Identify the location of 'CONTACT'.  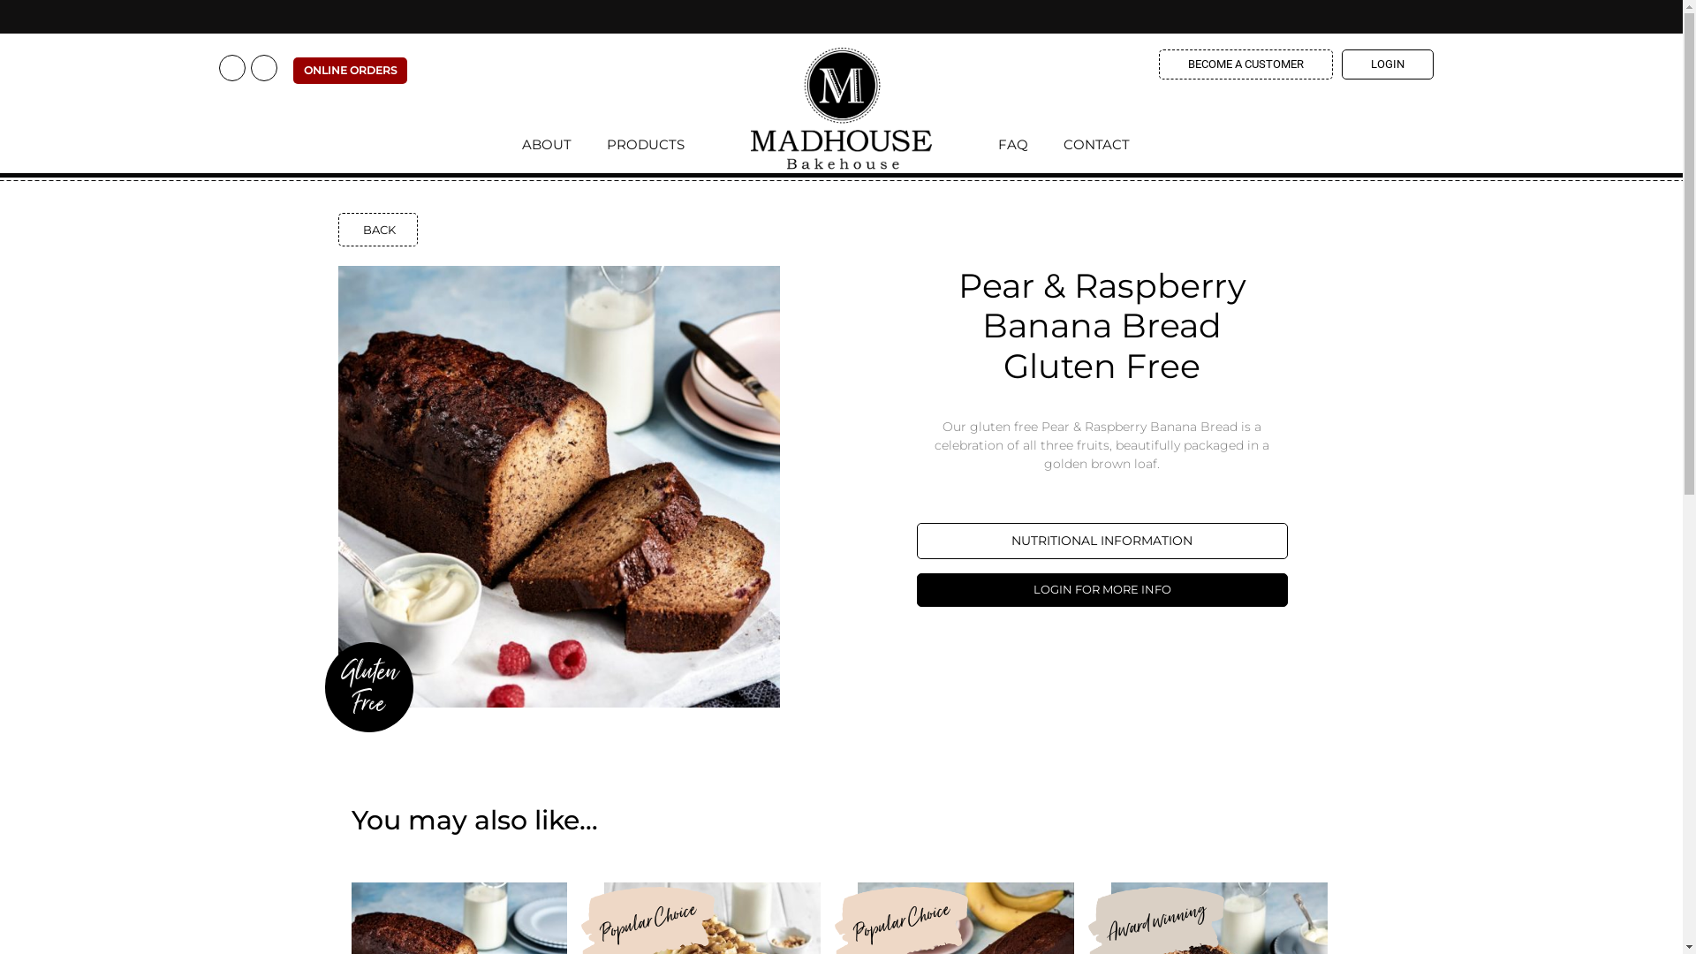
(1095, 148).